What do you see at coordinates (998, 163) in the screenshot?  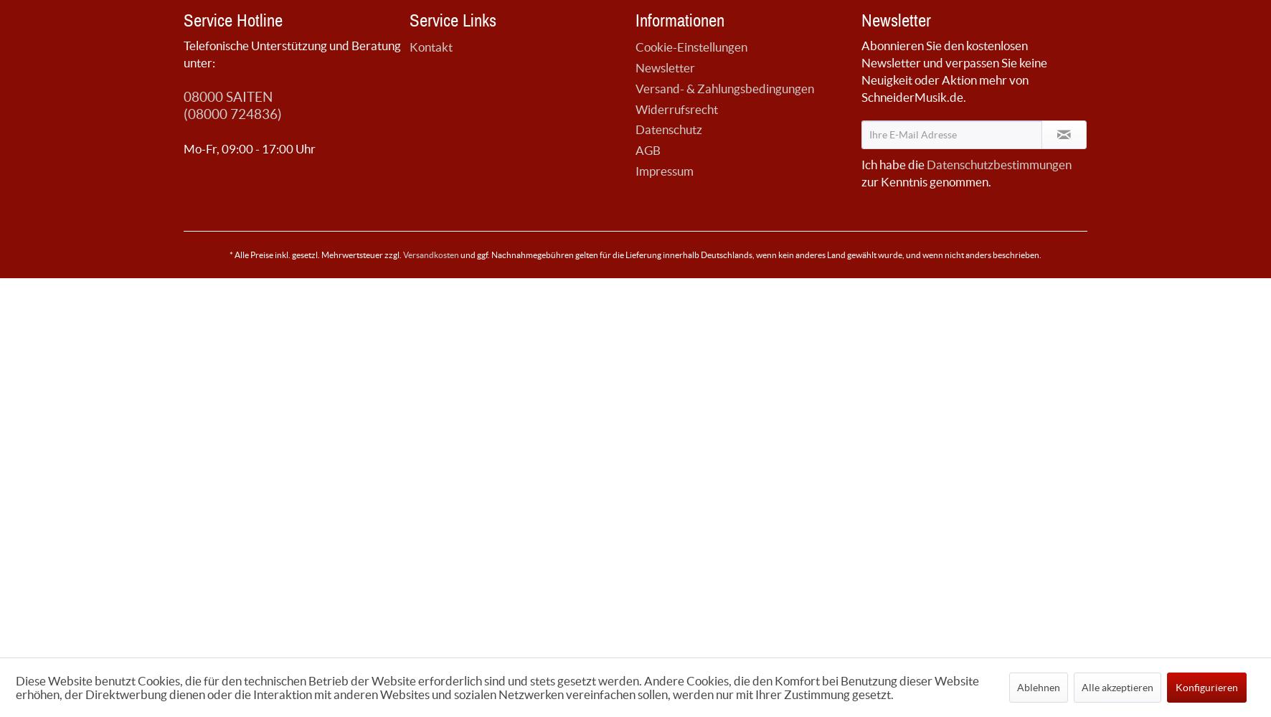 I see `'Datenschutzbestimmungen'` at bounding box center [998, 163].